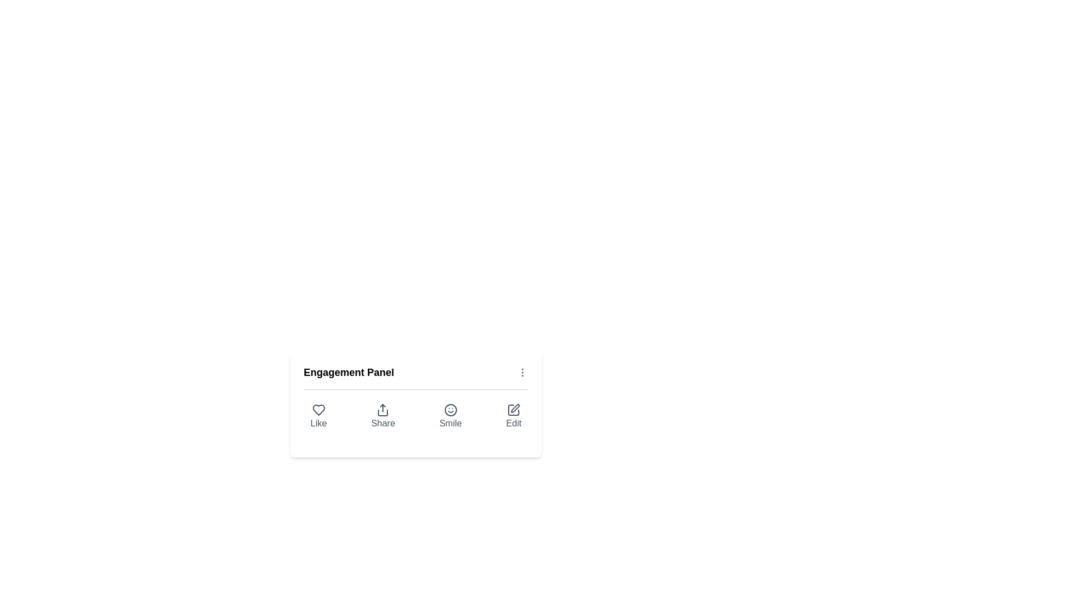  What do you see at coordinates (318, 417) in the screenshot?
I see `the 'Like' button located at the far left of the horizontal button set in the 'Engagement Panel' card to express approval for the content` at bounding box center [318, 417].